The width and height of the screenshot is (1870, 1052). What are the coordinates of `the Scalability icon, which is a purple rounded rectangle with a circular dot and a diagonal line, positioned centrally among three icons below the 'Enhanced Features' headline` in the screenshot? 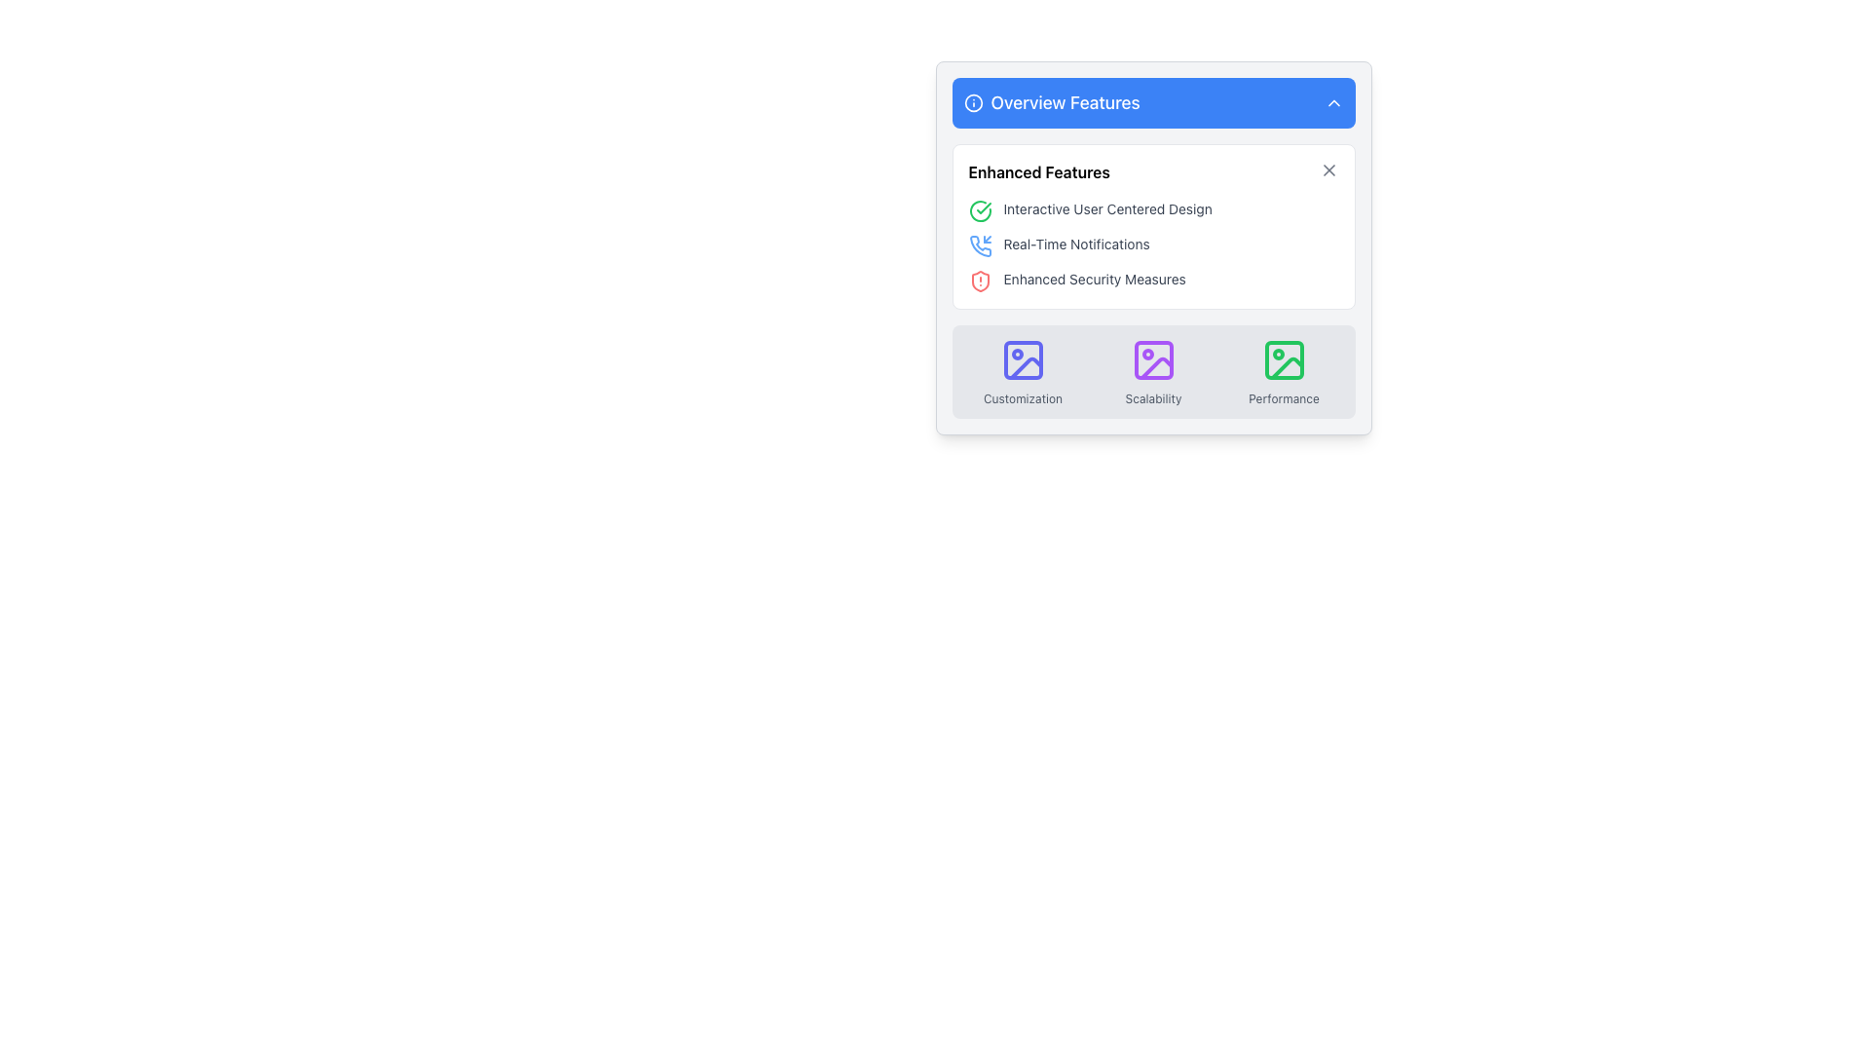 It's located at (1153, 360).